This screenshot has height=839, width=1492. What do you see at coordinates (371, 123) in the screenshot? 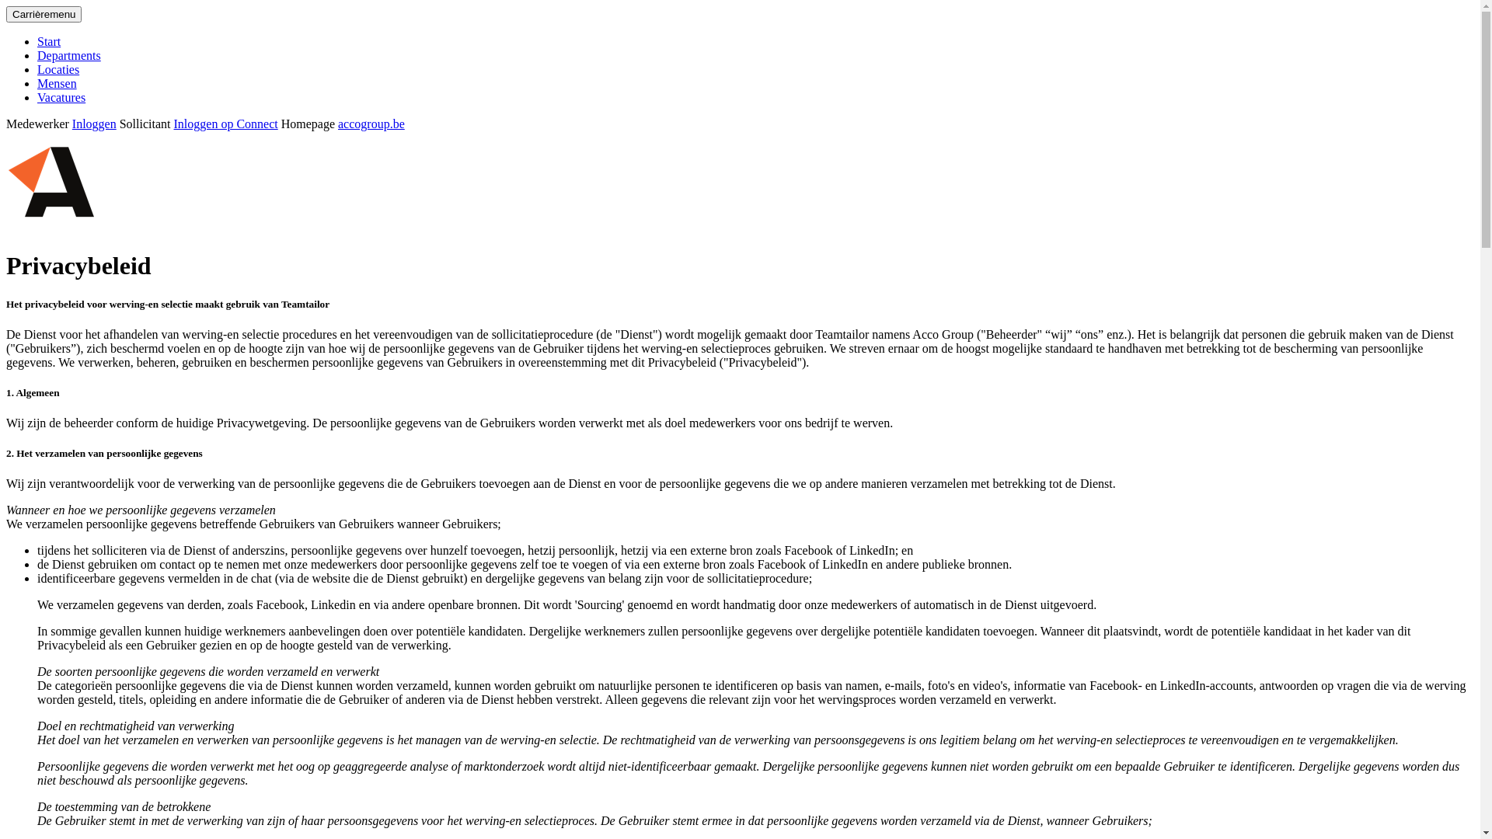
I see `'accogroup.be'` at bounding box center [371, 123].